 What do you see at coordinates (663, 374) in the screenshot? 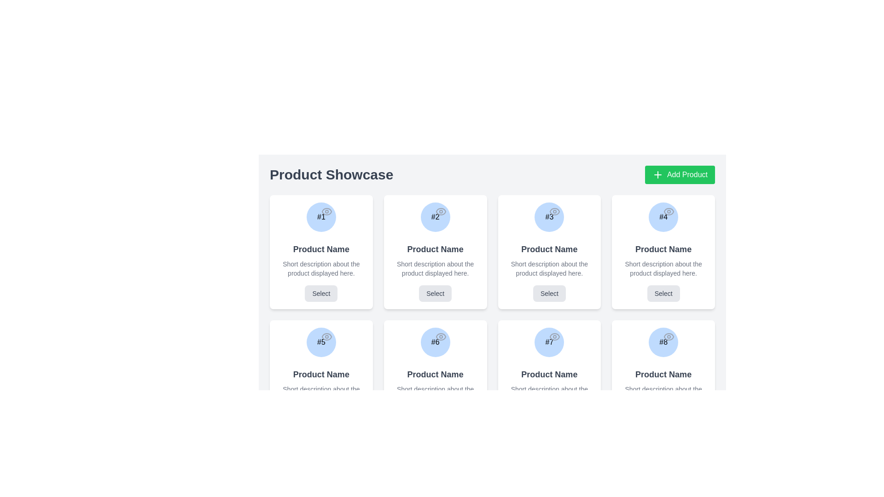
I see `the static text label that displays the product name, located in the last row, second from the left of a grid layout, positioned above the short description and below a circular graphical representation marked with '#8'` at bounding box center [663, 374].